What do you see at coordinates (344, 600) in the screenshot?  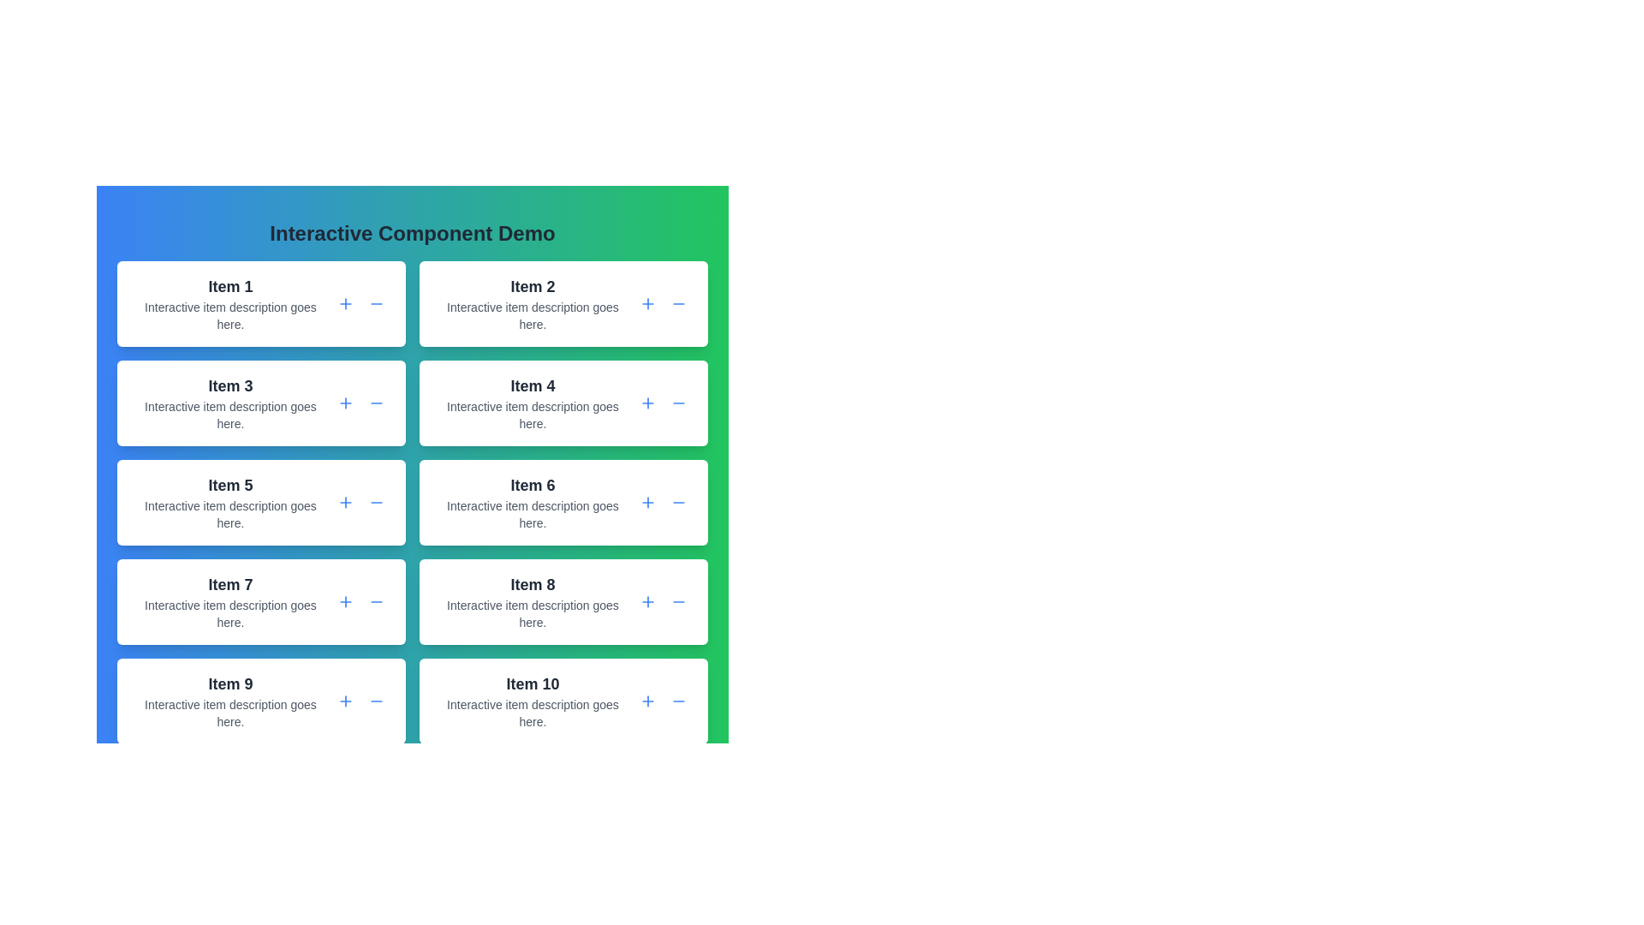 I see `the icon located to the right of the text 'Item 7' in the 'Interactive Component Demo' interface` at bounding box center [344, 600].